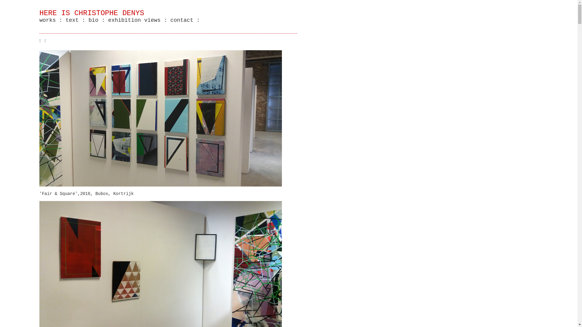 This screenshot has width=582, height=327. Describe the element at coordinates (39, 20) in the screenshot. I see `'works :'` at that location.